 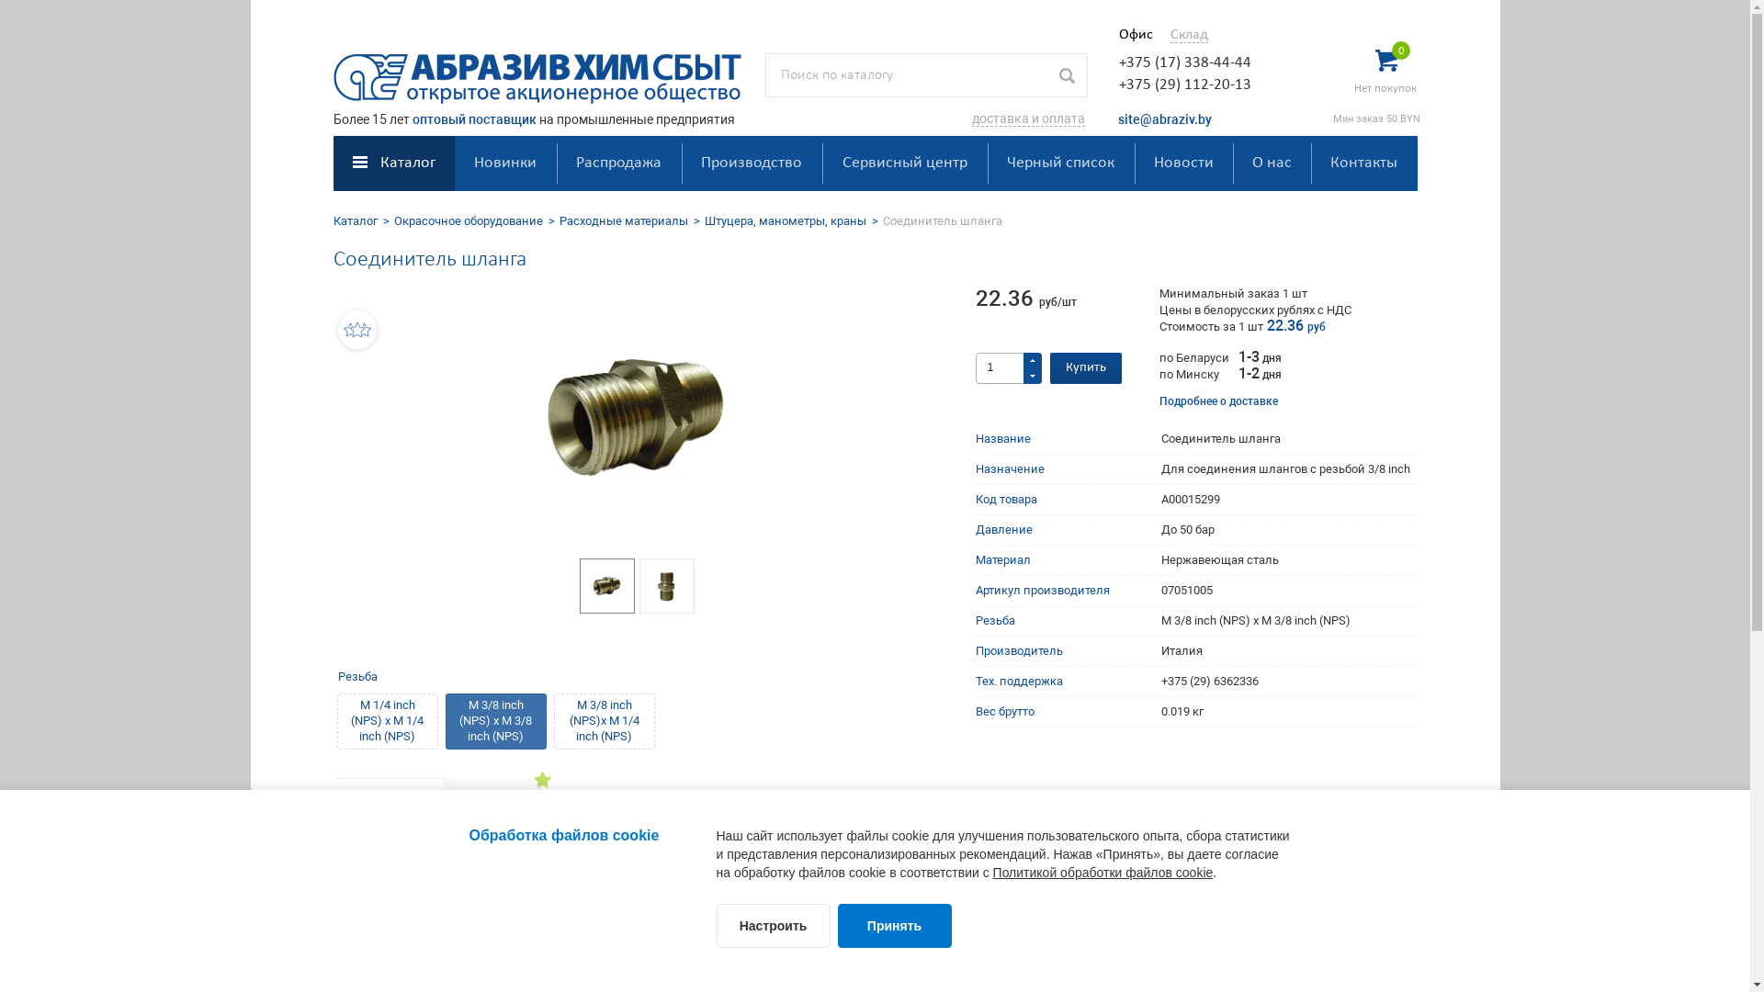 What do you see at coordinates (335, 720) in the screenshot?
I see `'M 1/4 inch (NPS) x M 1/4 inch (NPS)'` at bounding box center [335, 720].